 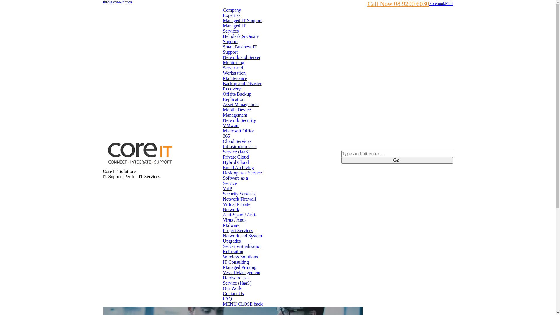 What do you see at coordinates (240, 49) in the screenshot?
I see `'Small Business IT Support'` at bounding box center [240, 49].